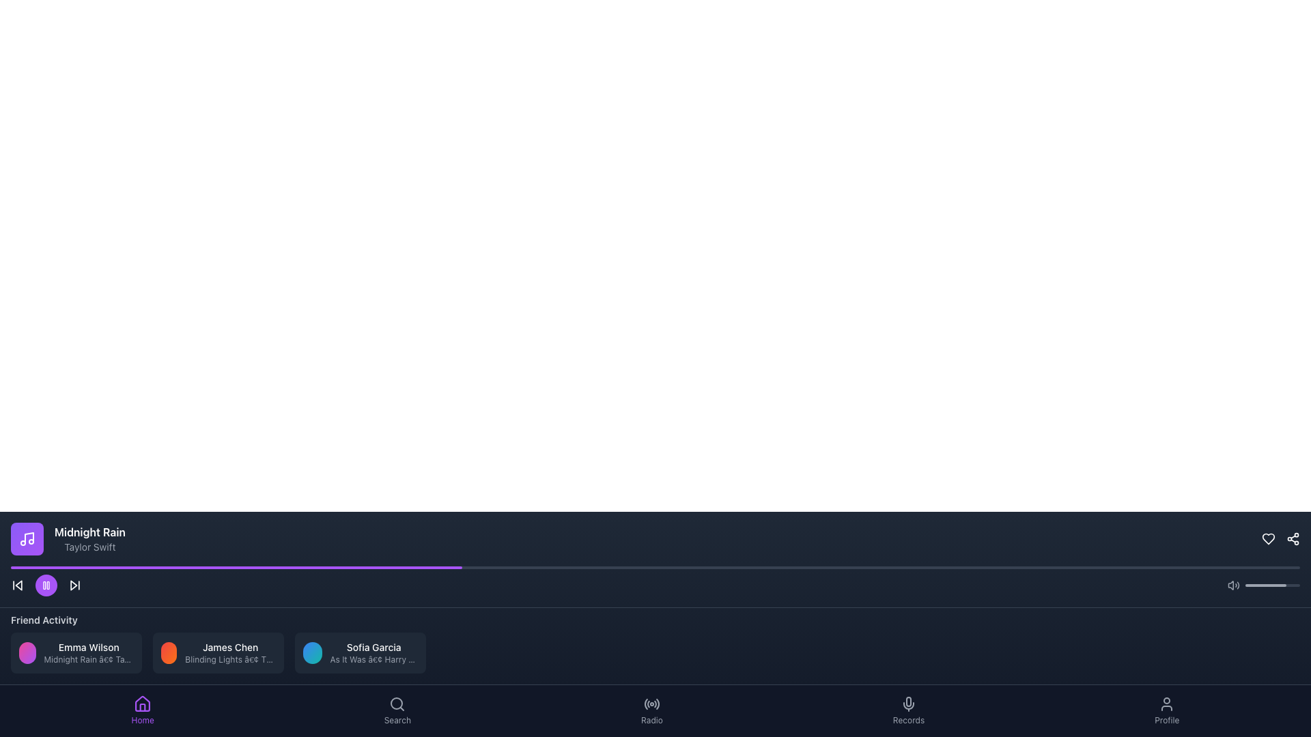 The width and height of the screenshot is (1311, 737). Describe the element at coordinates (48, 584) in the screenshot. I see `the right vertical rectangle of the pause icon` at that location.